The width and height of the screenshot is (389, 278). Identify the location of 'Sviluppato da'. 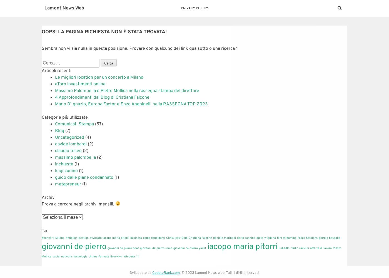
(141, 273).